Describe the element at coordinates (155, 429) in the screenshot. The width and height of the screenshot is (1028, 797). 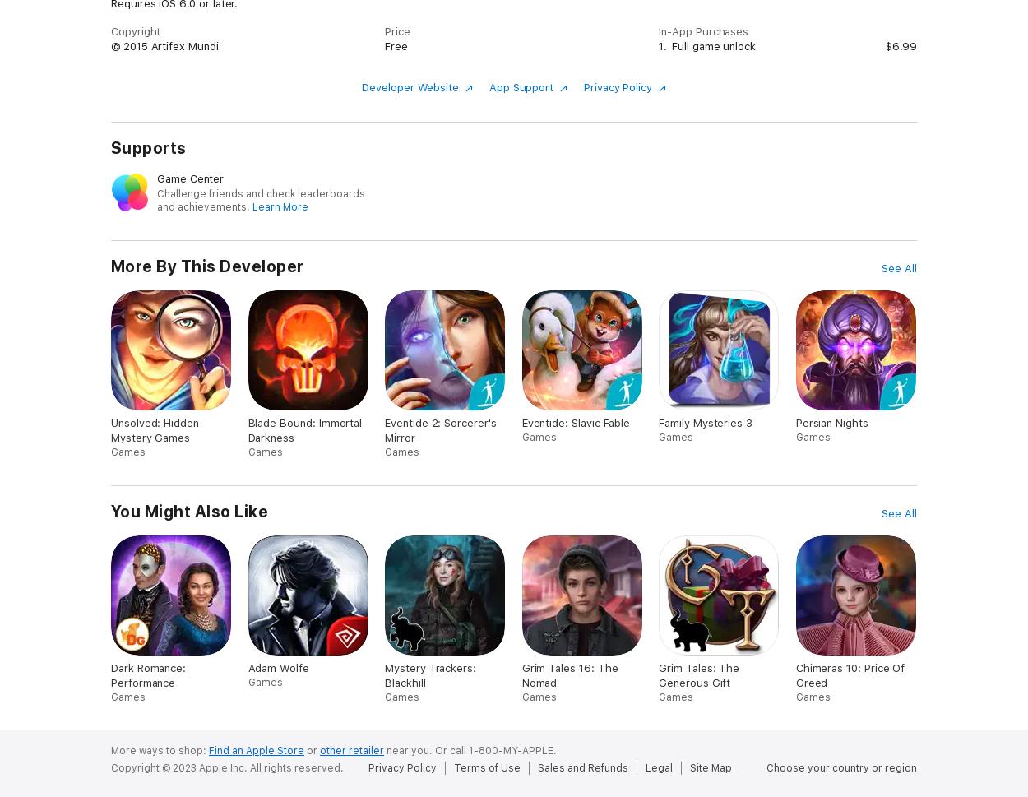
I see `'Unsolved: Hidden Mystery Games'` at that location.